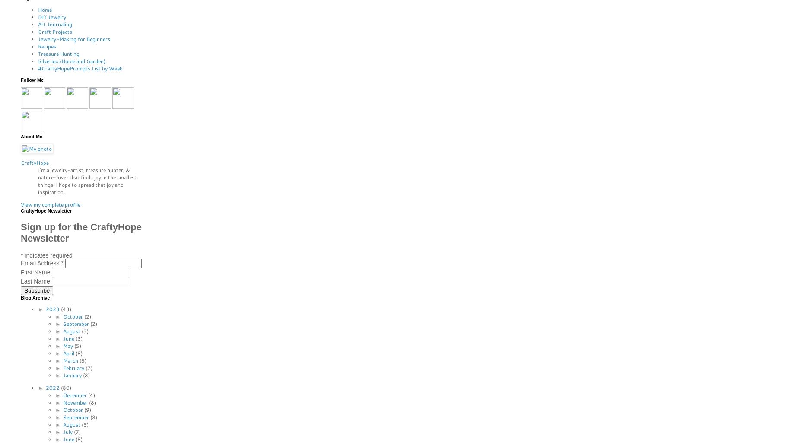 This screenshot has height=443, width=803. I want to click on 'Treasure Hunting', so click(59, 54).